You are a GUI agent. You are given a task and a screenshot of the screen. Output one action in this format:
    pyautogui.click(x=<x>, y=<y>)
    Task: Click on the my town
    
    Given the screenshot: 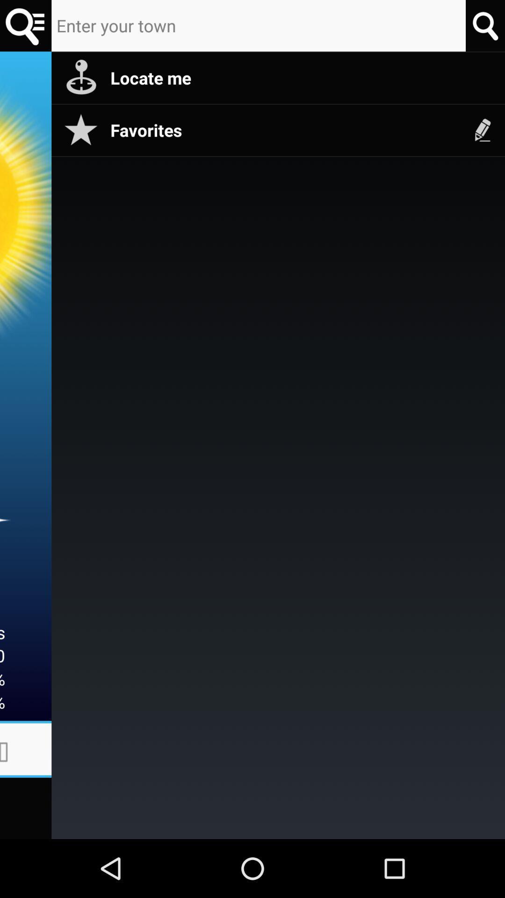 What is the action you would take?
    pyautogui.click(x=259, y=26)
    